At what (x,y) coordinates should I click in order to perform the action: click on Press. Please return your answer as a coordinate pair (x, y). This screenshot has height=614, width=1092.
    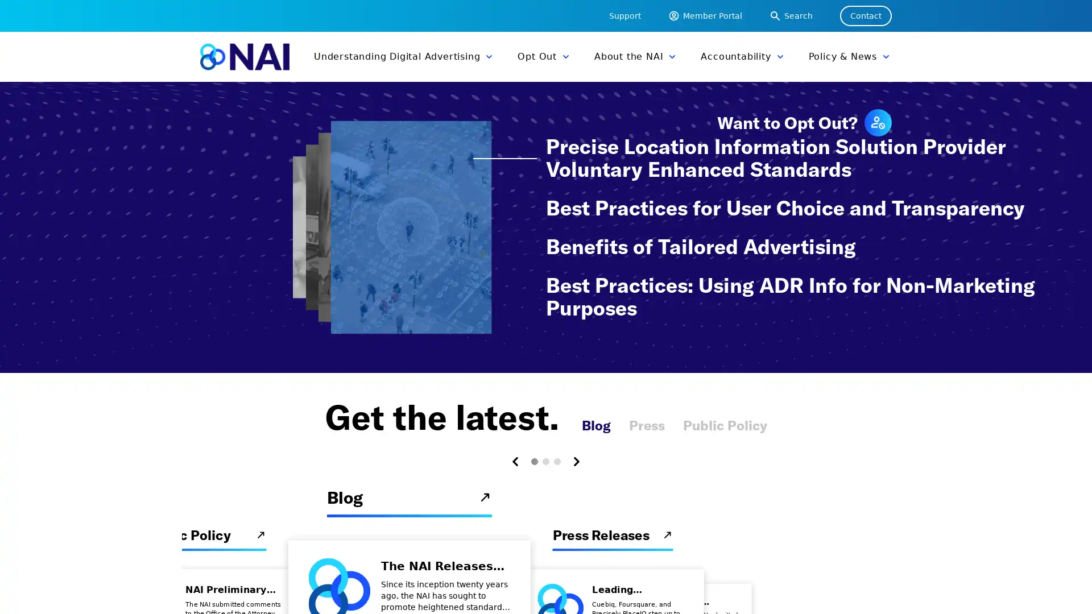
    Looking at the image, I should click on (646, 425).